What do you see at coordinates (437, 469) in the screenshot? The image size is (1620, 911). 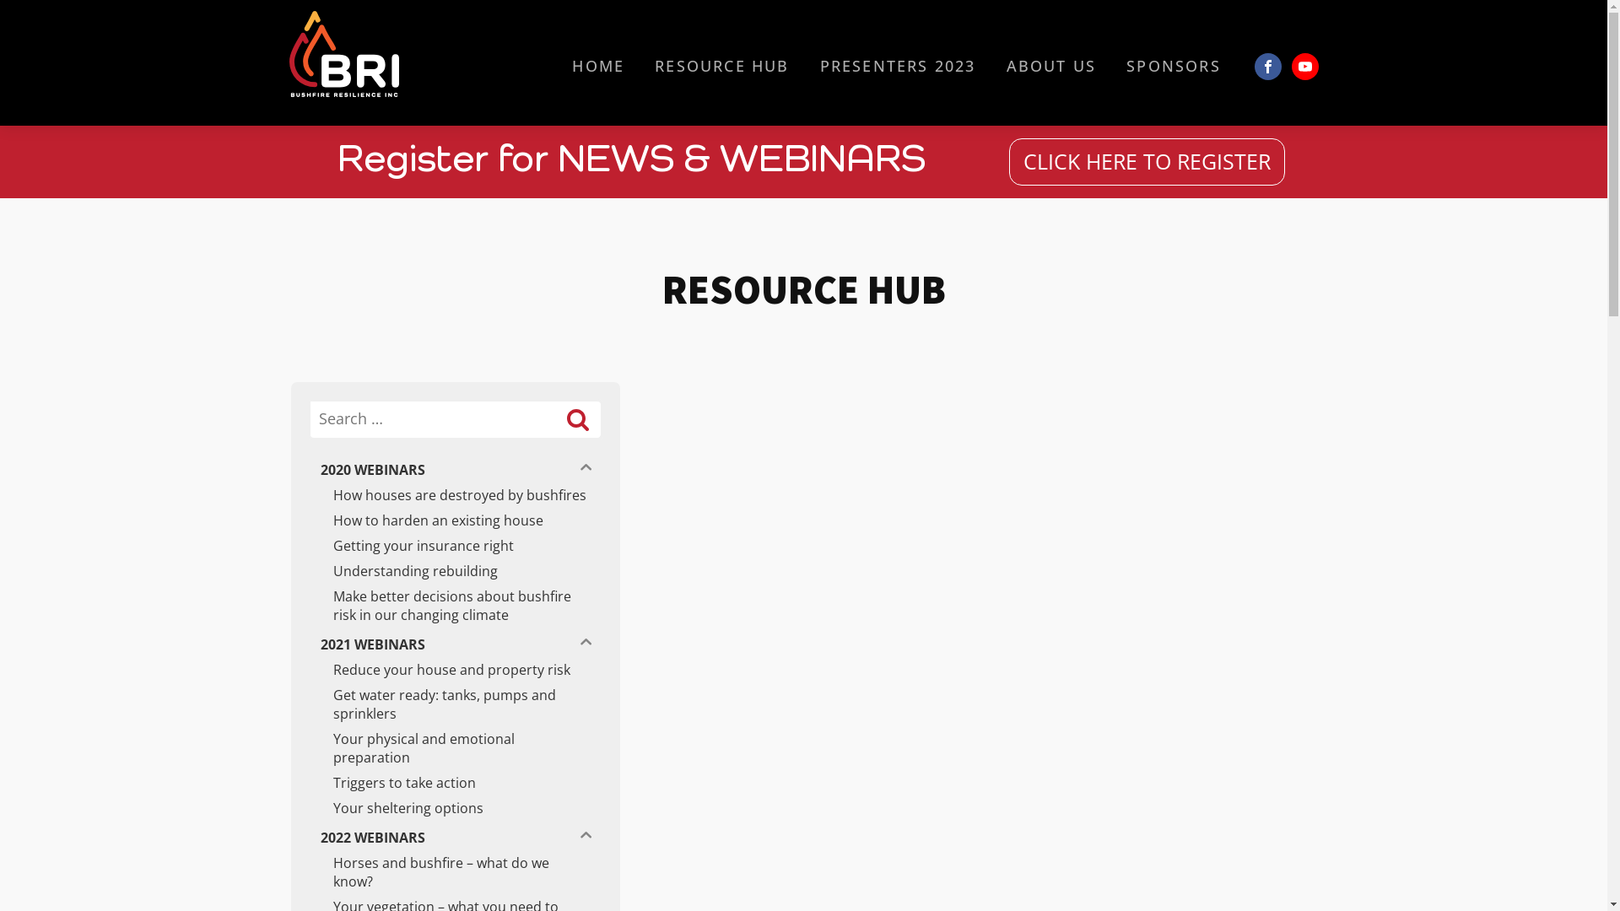 I see `'2020 WEBINARS'` at bounding box center [437, 469].